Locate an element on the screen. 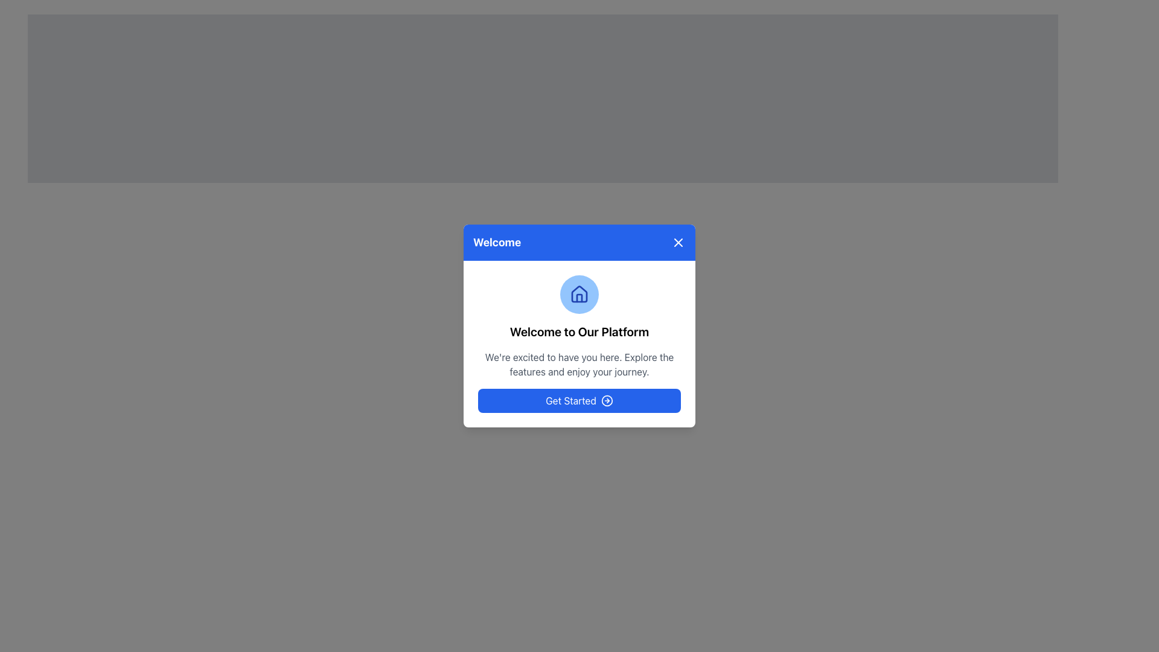 This screenshot has width=1159, height=652. the close button located in the top-right corner of the 'Welcome' modal is located at coordinates (678, 242).